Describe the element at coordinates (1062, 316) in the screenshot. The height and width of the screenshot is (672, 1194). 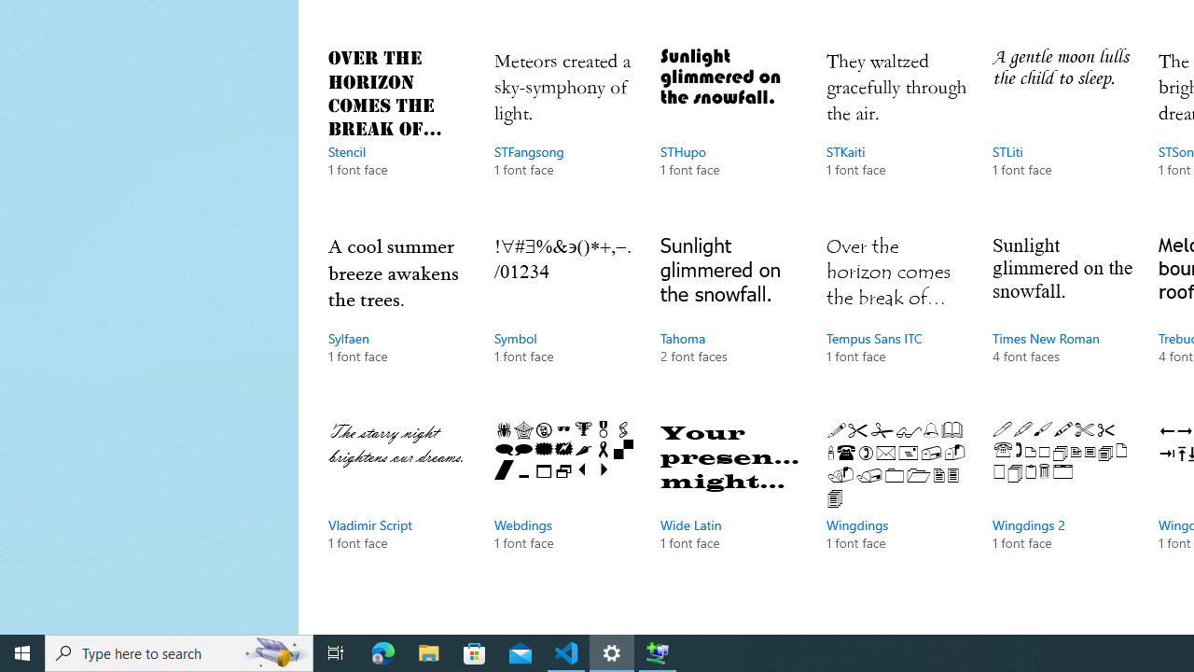
I see `'Times New Roman, 4 font faces'` at that location.